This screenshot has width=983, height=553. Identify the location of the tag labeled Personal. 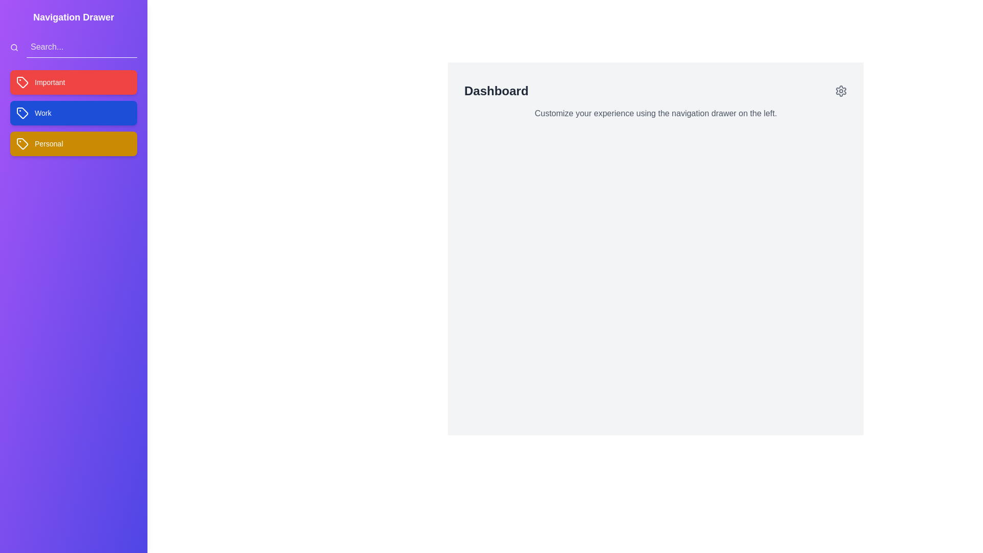
(73, 144).